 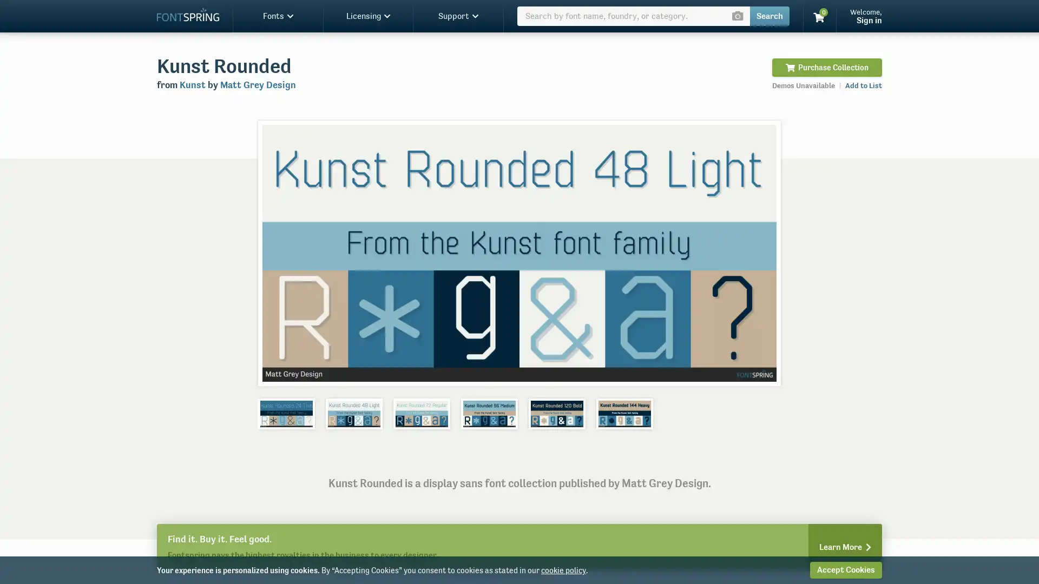 I want to click on Purchase Collection, so click(x=826, y=67).